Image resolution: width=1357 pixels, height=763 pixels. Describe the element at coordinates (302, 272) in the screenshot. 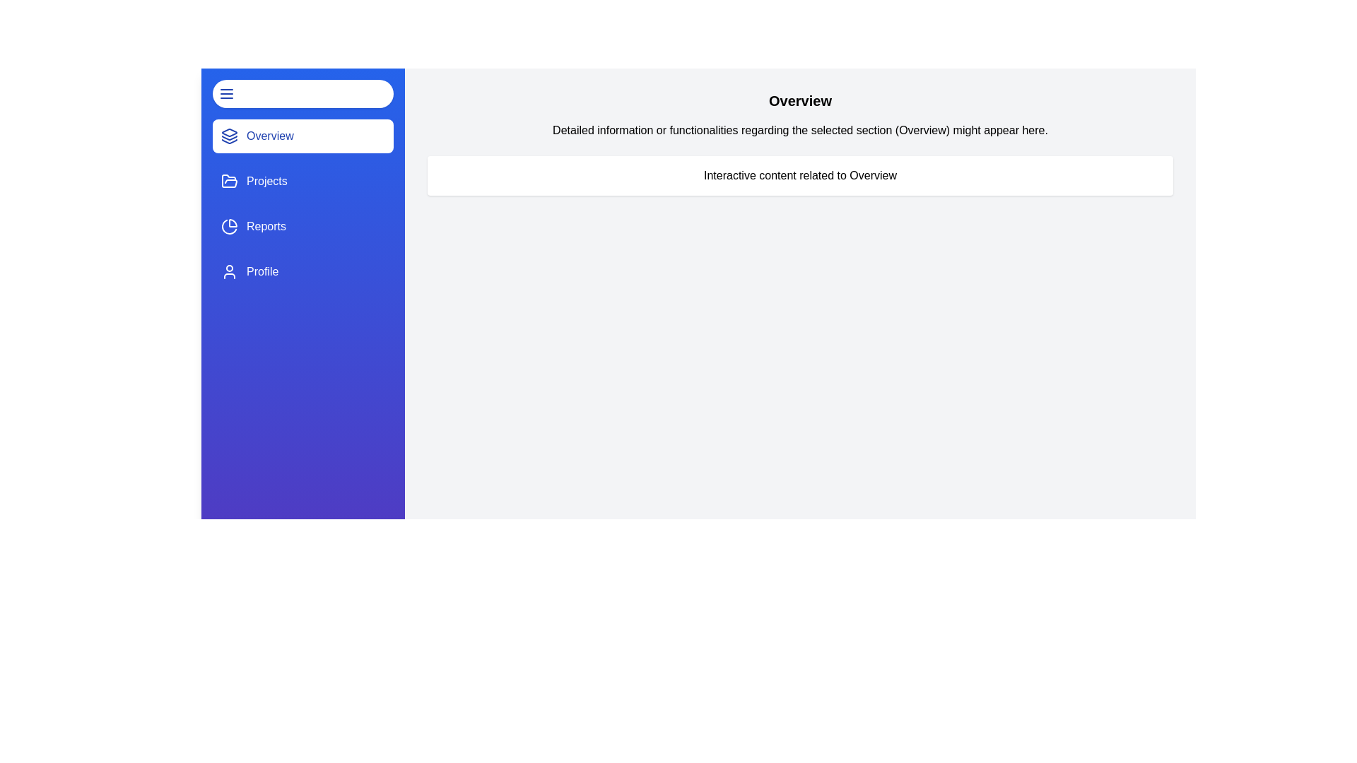

I see `the navigation section Profile` at that location.